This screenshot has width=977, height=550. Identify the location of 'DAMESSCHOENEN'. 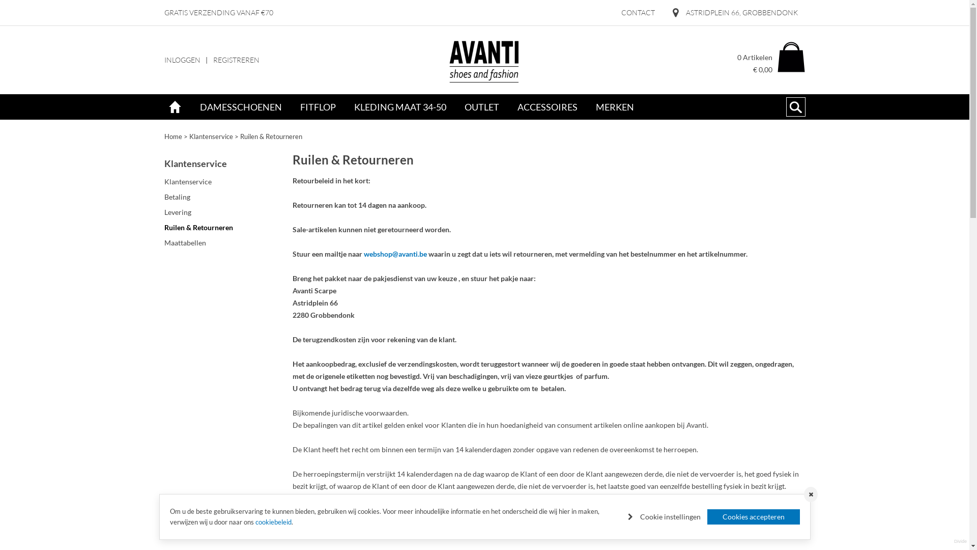
(240, 107).